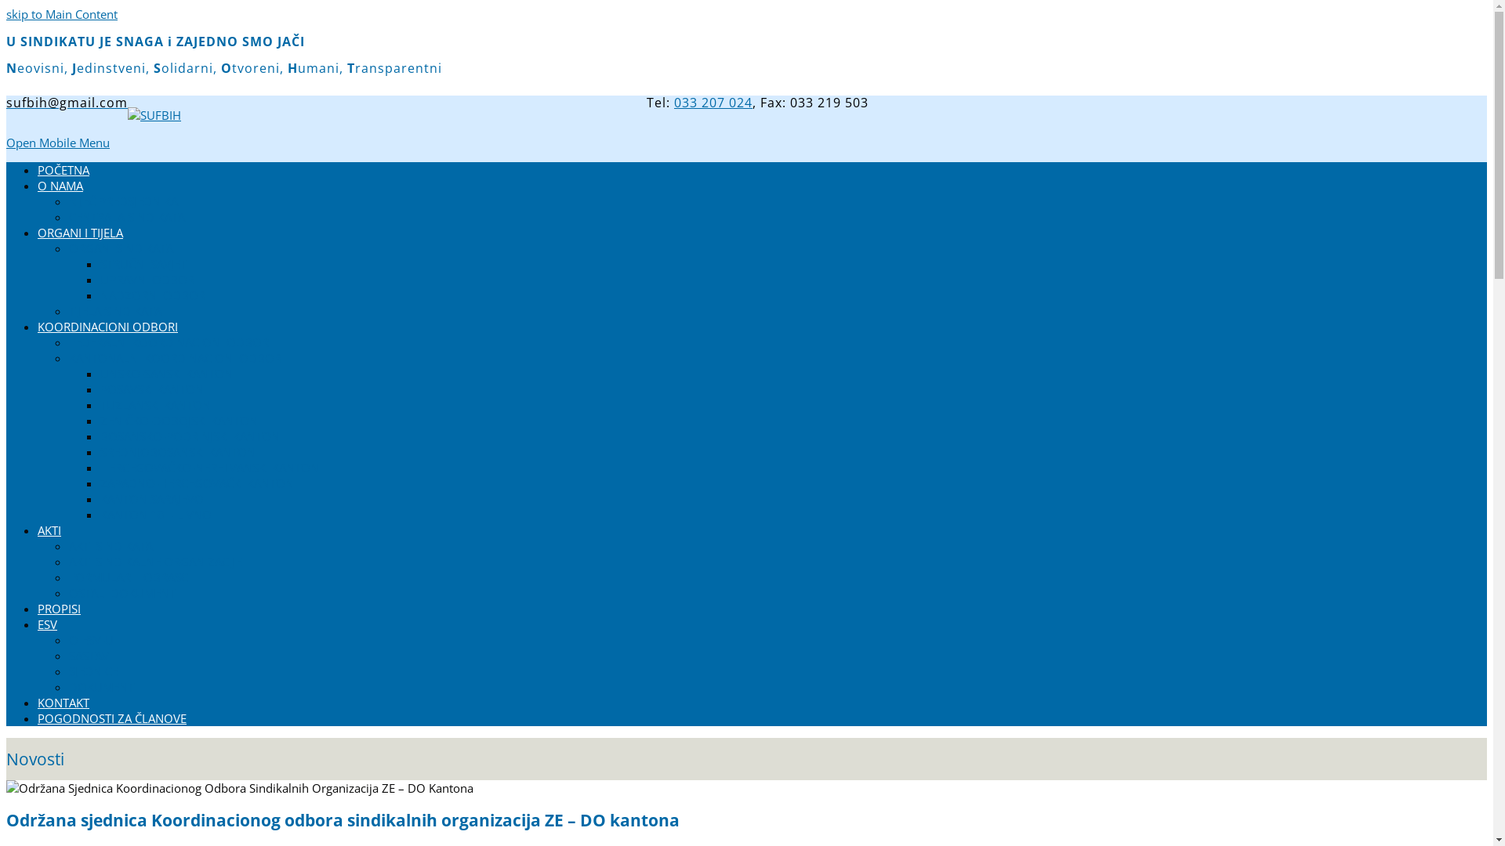  I want to click on 'sufbih@gmail.com', so click(66, 103).